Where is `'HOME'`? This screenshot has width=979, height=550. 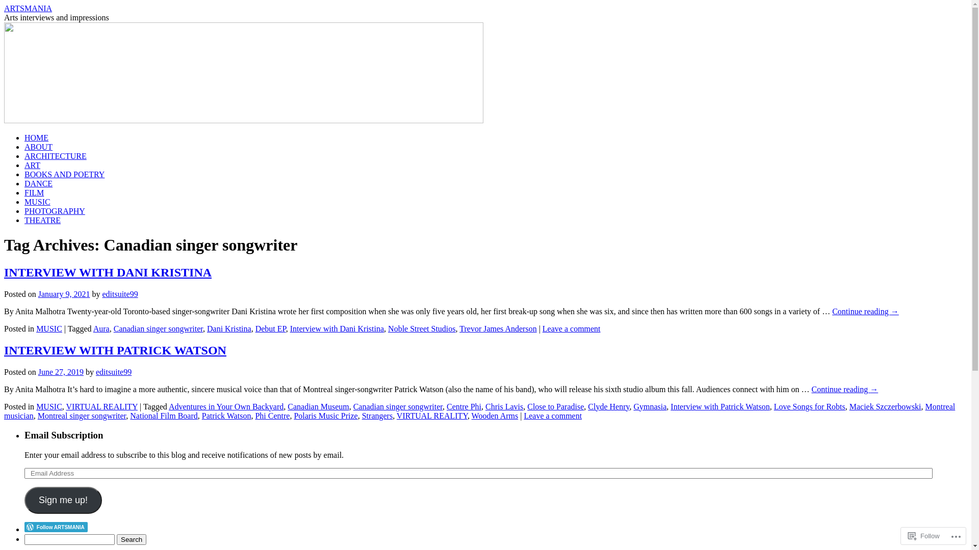 'HOME' is located at coordinates (36, 137).